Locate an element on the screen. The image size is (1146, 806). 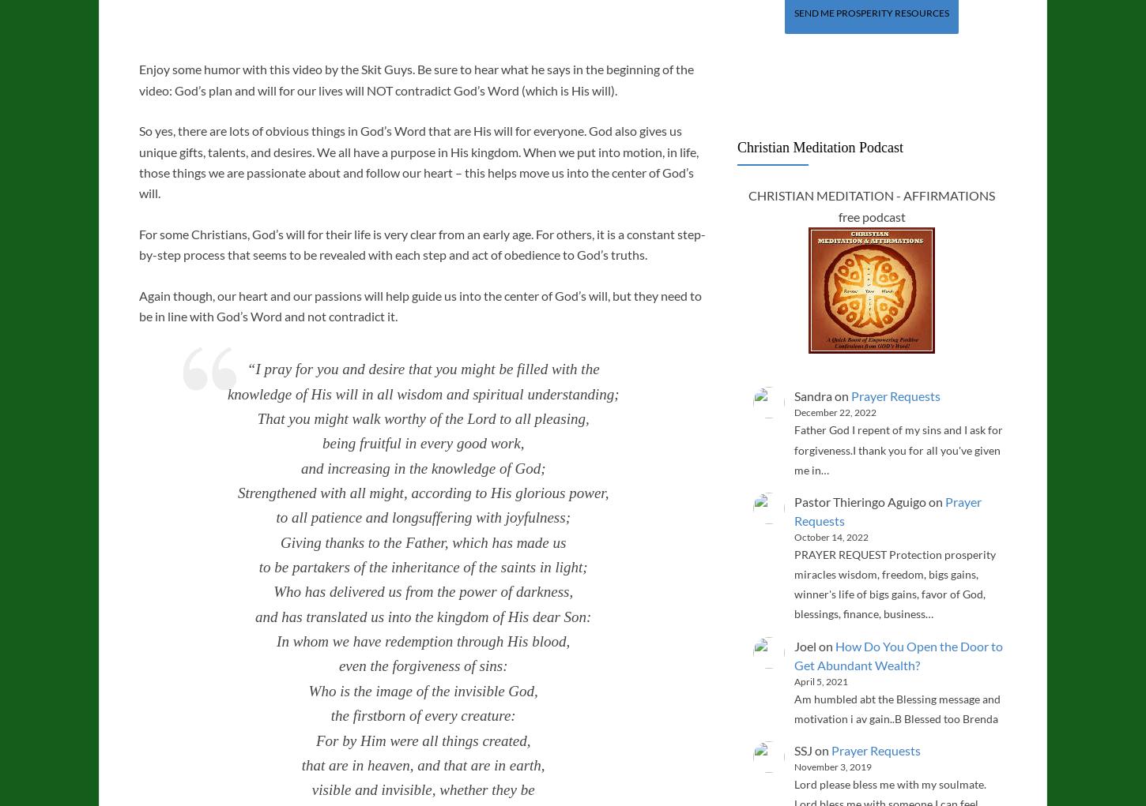
'SSJ' is located at coordinates (802, 749).